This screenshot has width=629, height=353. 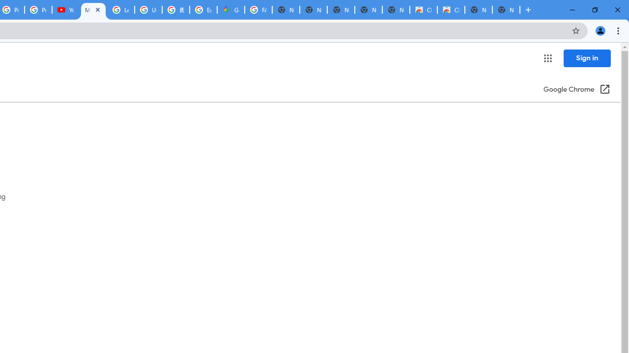 I want to click on 'Google Chrome (Open in a new window)', so click(x=576, y=90).